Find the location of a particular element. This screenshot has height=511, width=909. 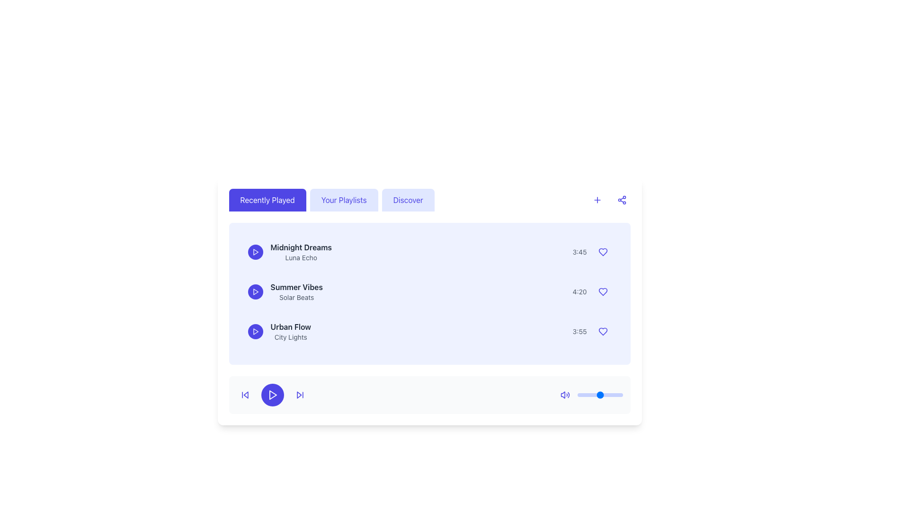

the play button in the media control interface is located at coordinates (272, 395).